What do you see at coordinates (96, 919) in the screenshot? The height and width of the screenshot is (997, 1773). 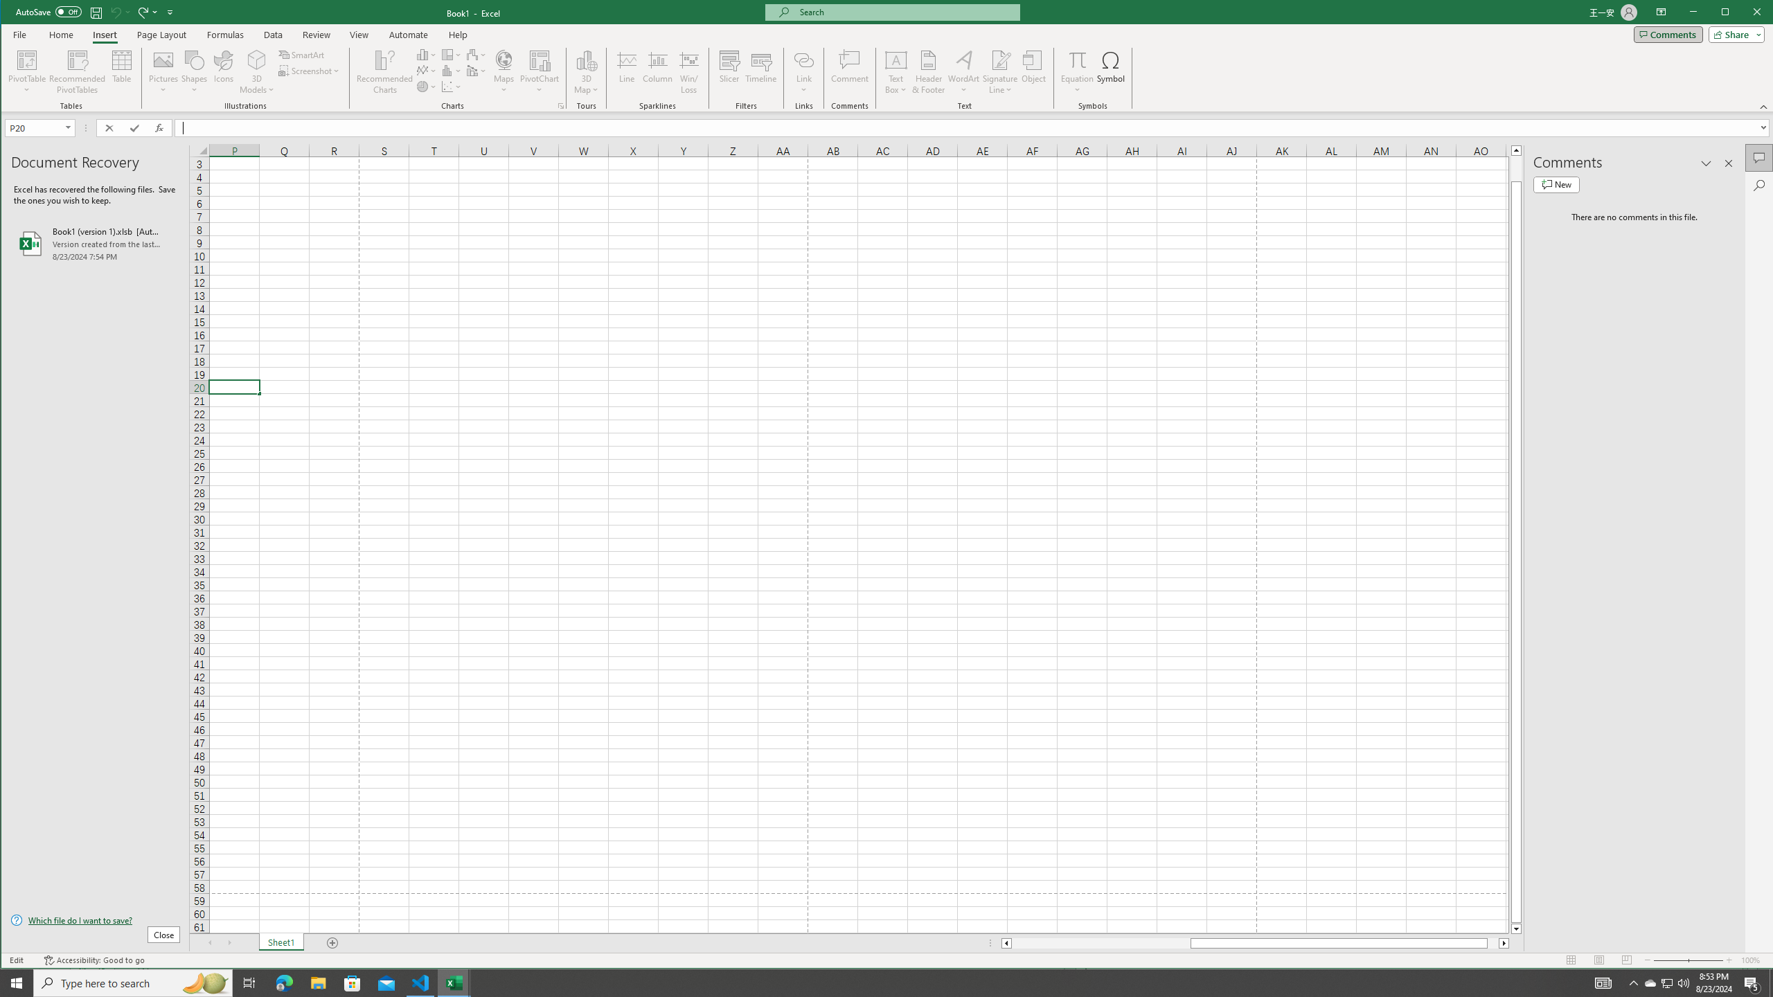 I see `'Which file do I want to save?'` at bounding box center [96, 919].